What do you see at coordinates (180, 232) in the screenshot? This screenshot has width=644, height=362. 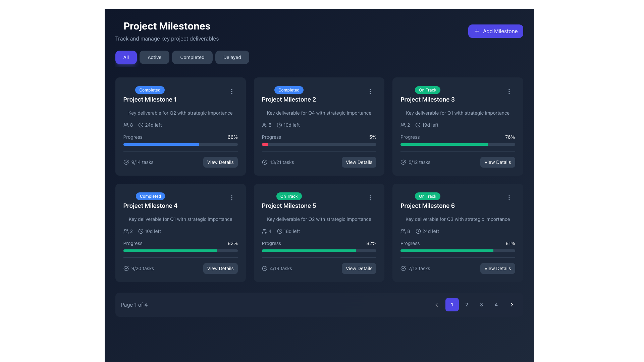 I see `details of the Information Card located in the first column of the secondary row below 'Project Milestone 1'` at bounding box center [180, 232].